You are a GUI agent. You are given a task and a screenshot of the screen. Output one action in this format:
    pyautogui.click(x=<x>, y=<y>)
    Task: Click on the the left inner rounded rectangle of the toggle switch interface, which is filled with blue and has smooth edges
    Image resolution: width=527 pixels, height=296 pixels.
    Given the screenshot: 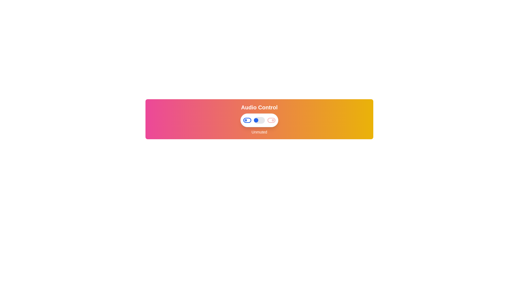 What is the action you would take?
    pyautogui.click(x=247, y=120)
    